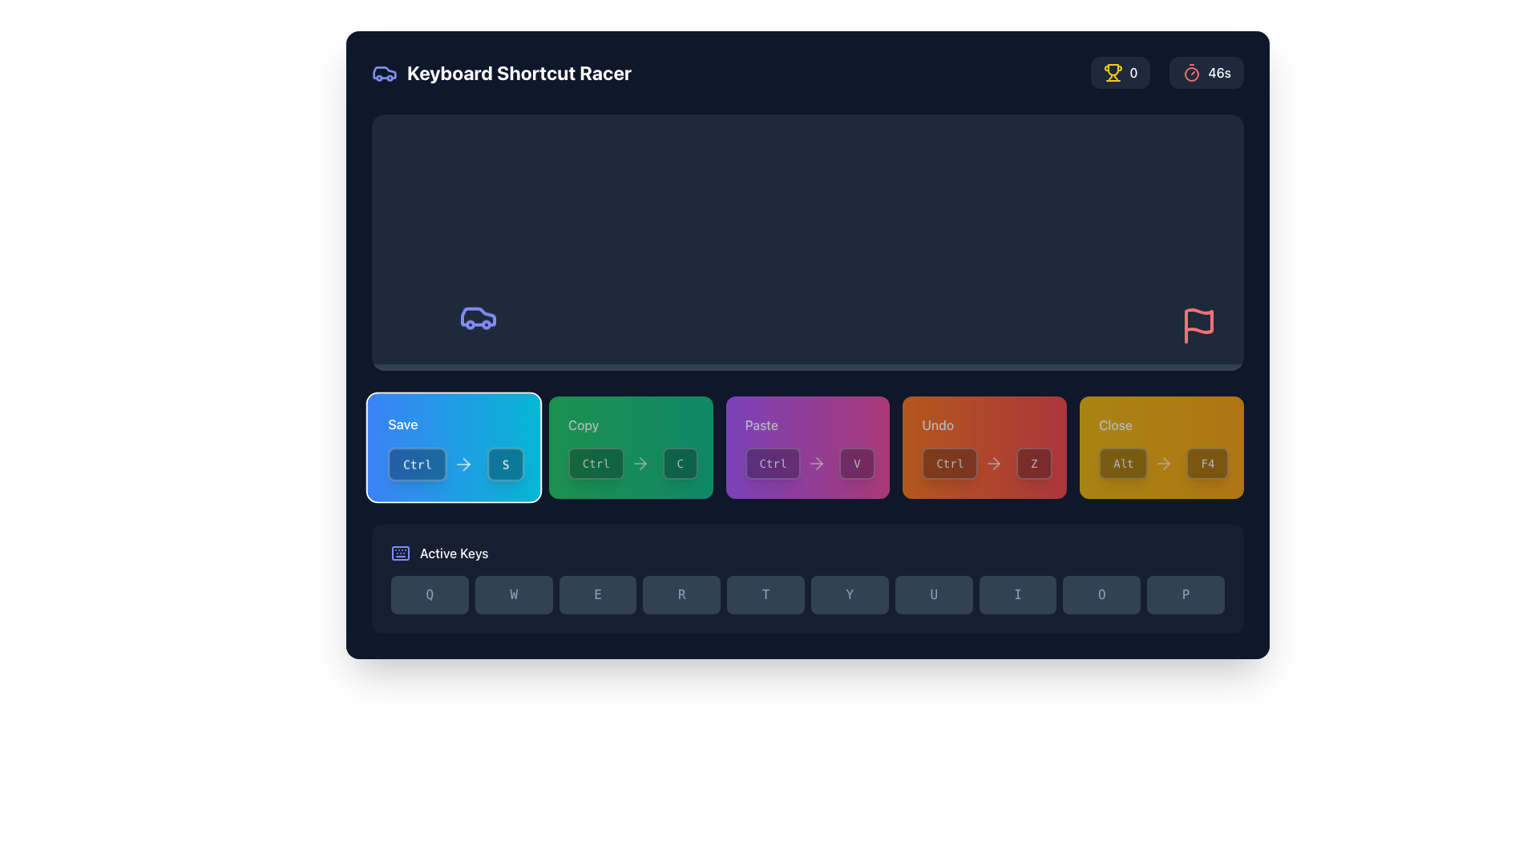 Image resolution: width=1539 pixels, height=865 pixels. I want to click on the Shortcut key visual representation component illustrating the keyboard shortcut 'Alt + F4', which is positioned as the fifth button in a row of five buttons, located immediately, so click(1161, 448).